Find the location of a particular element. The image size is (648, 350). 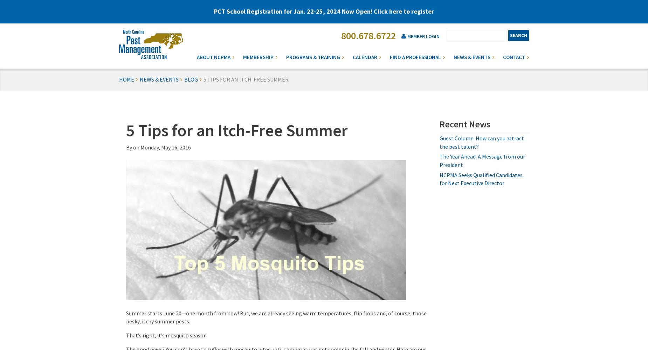

'800.678.6722' is located at coordinates (368, 35).